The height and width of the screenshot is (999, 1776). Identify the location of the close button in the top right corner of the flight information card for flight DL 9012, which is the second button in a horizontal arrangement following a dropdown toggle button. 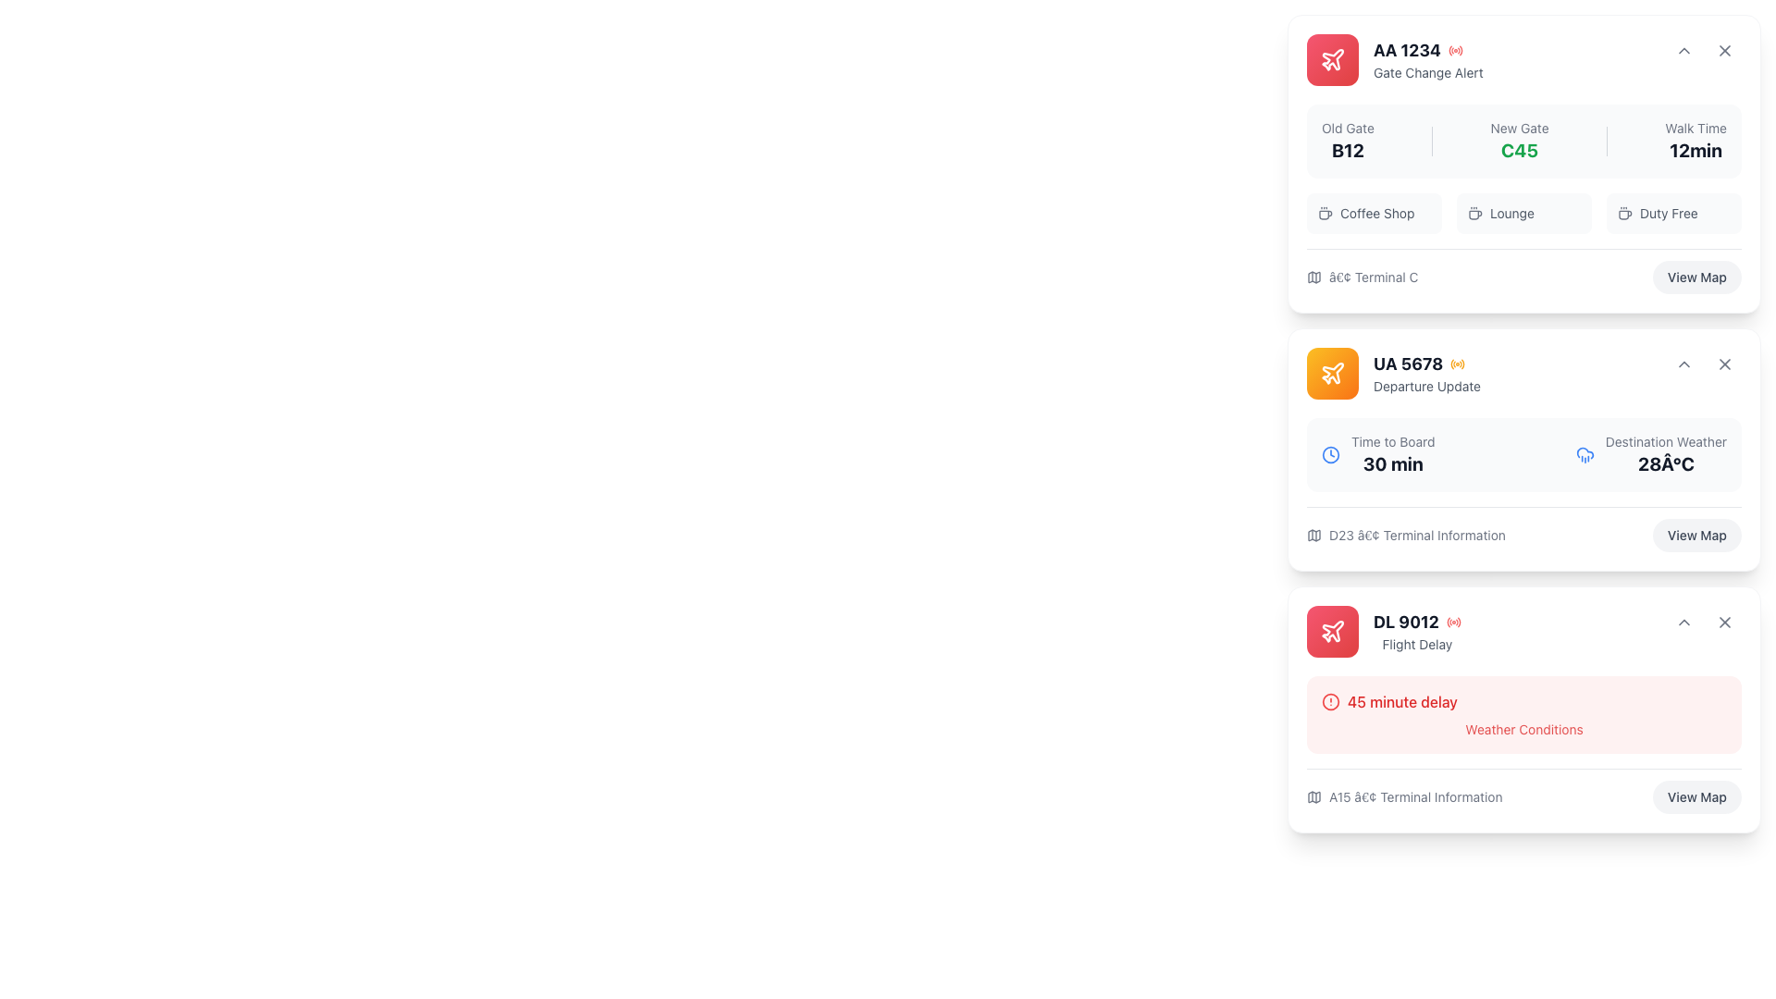
(1724, 622).